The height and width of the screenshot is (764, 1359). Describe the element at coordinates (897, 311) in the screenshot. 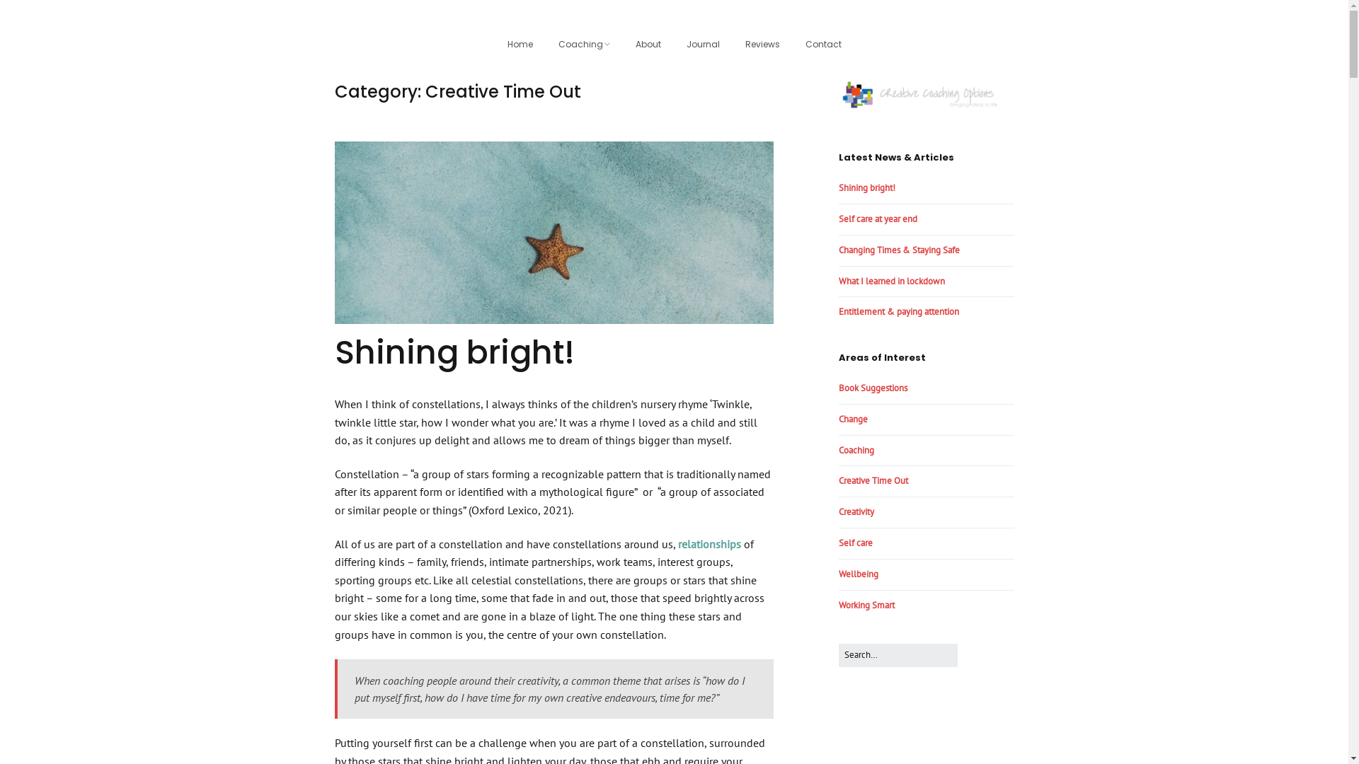

I see `'Entitlement & paying attention'` at that location.